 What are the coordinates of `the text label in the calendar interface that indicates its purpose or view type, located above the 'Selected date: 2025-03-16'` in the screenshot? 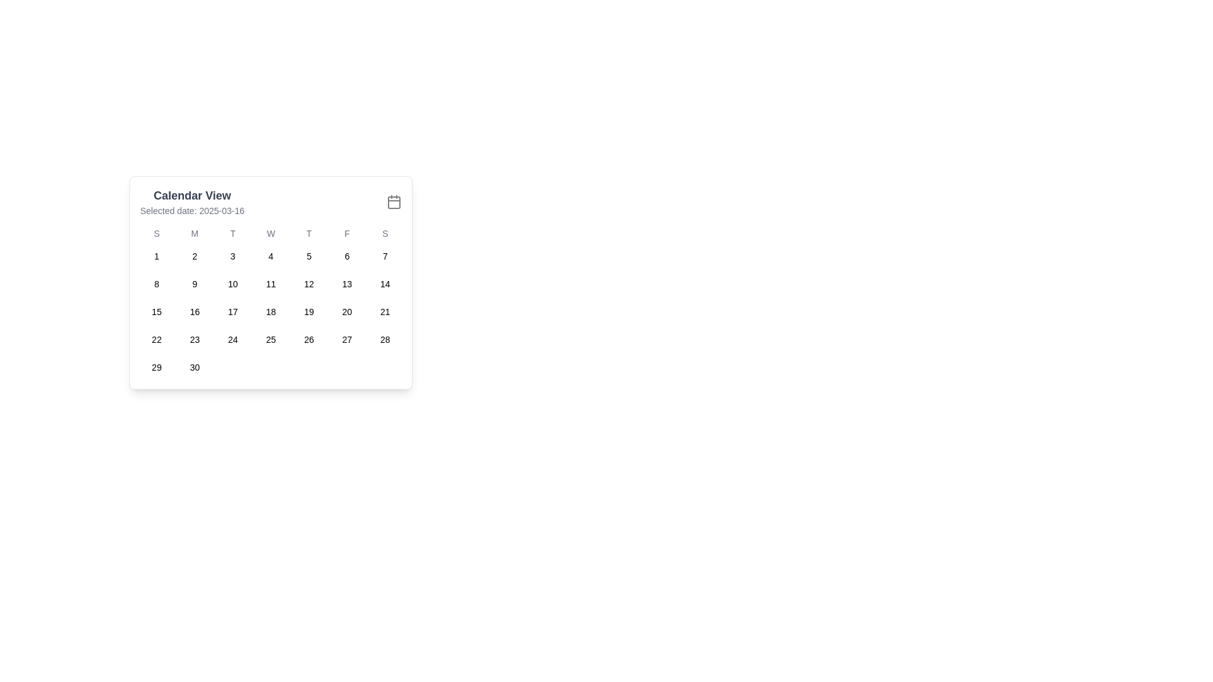 It's located at (191, 195).